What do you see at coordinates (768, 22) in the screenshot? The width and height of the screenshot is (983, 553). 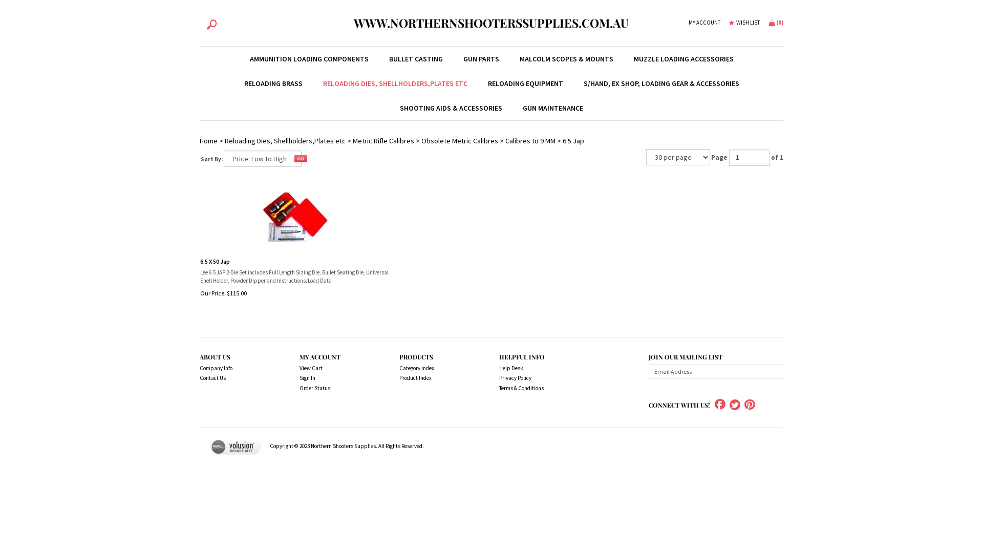 I see `'(0)'` at bounding box center [768, 22].